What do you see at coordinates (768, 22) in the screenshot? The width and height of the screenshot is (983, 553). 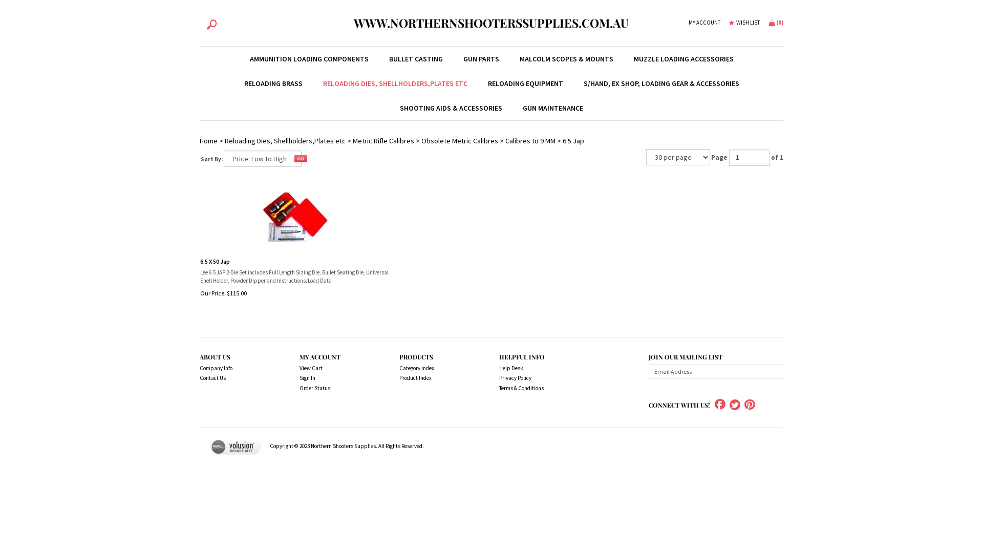 I see `'(0)'` at bounding box center [768, 22].